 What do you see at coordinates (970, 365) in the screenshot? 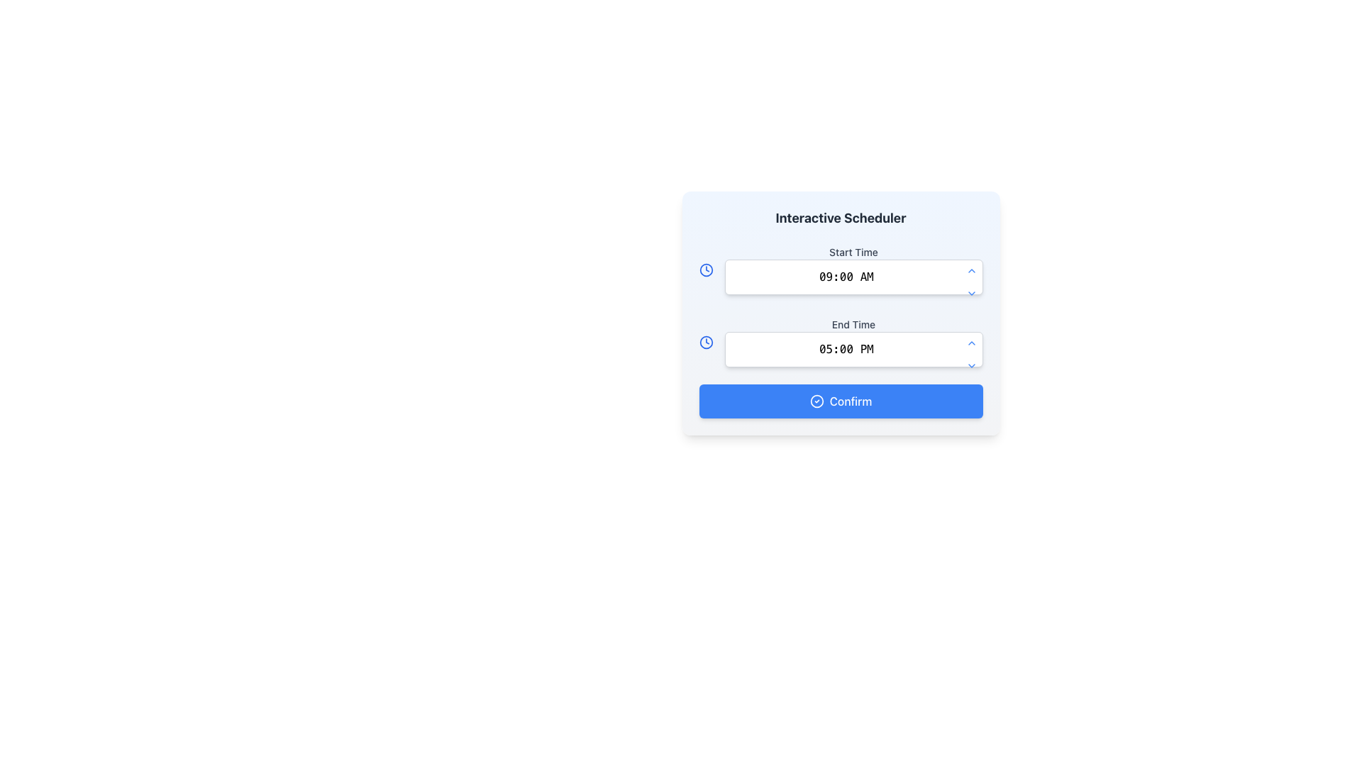
I see `the blue chevron-down icon located on the right side of the 'End Time' dropdown field` at bounding box center [970, 365].